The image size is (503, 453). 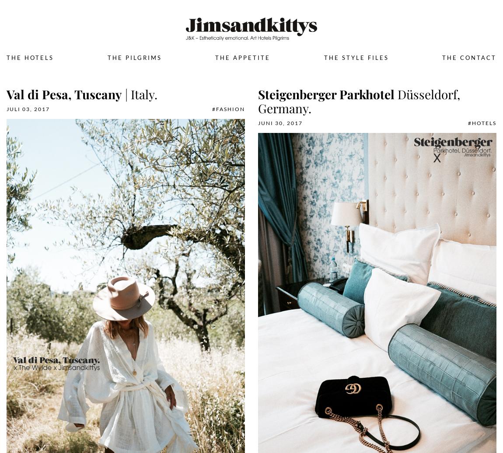 I want to click on 'The Appetite', so click(x=242, y=57).